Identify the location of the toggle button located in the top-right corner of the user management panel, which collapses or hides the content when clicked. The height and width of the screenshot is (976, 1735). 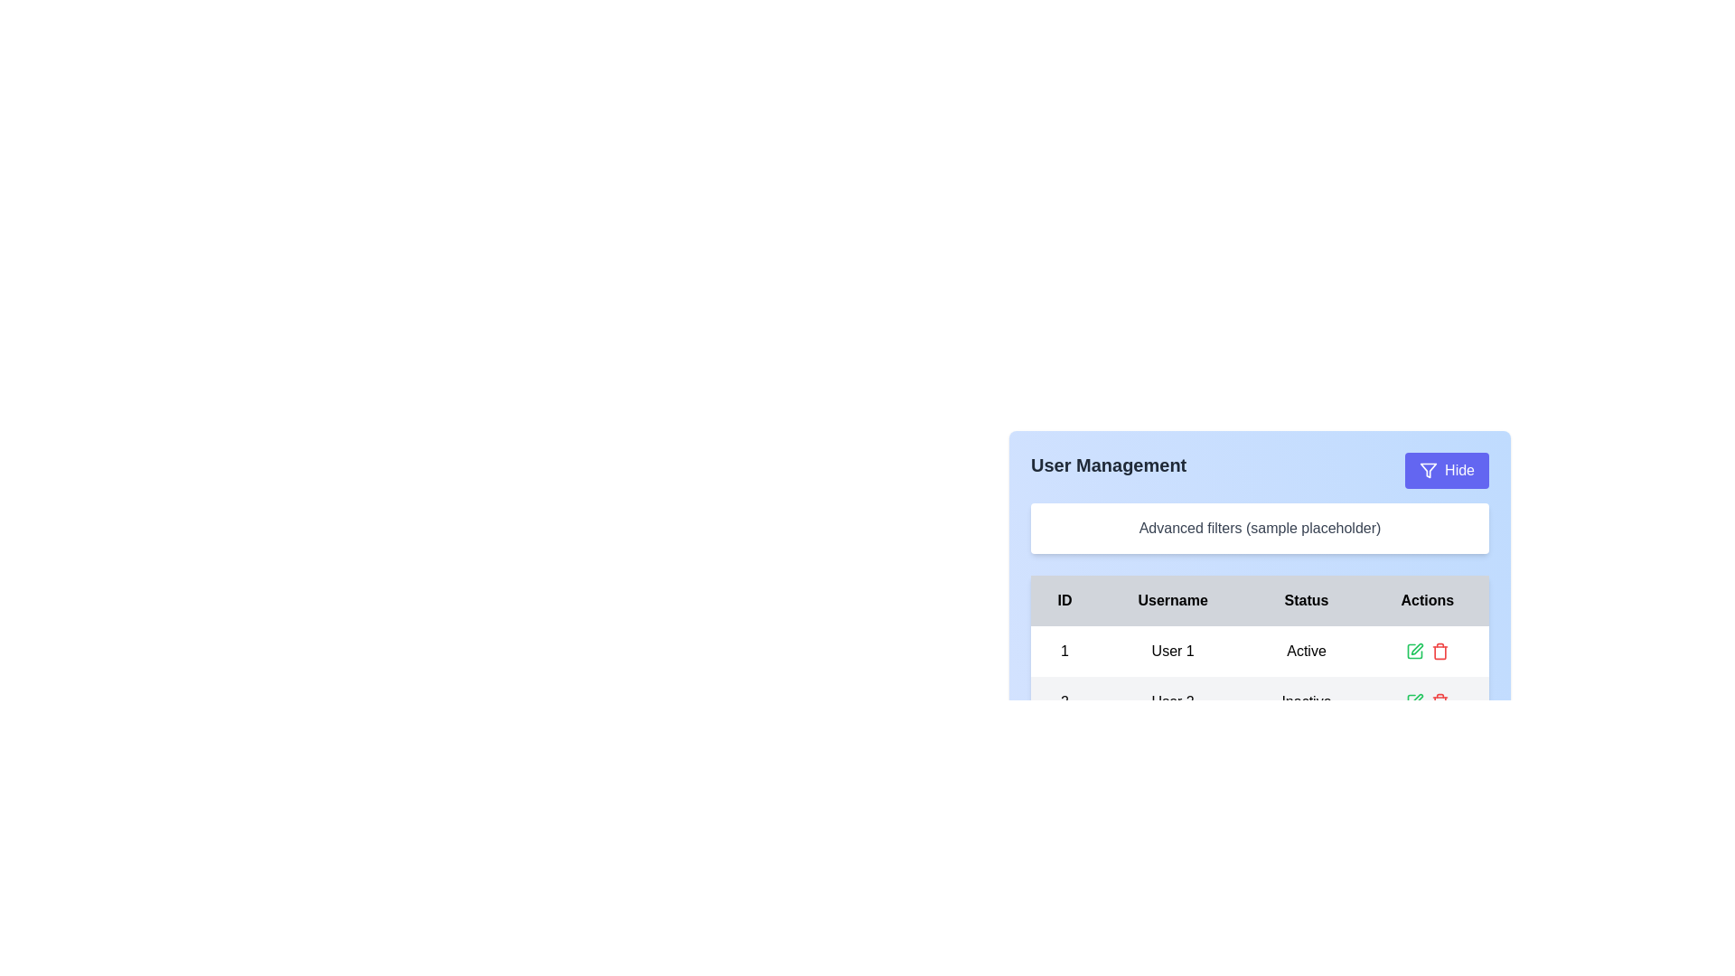
(1447, 469).